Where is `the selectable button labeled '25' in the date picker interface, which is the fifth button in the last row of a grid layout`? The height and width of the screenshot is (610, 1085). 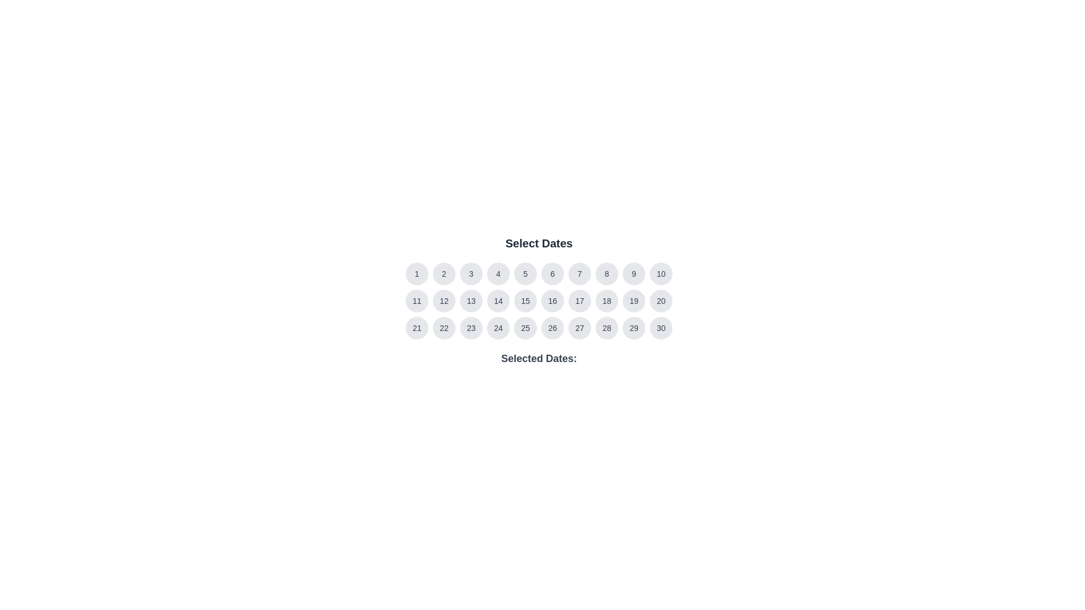 the selectable button labeled '25' in the date picker interface, which is the fifth button in the last row of a grid layout is located at coordinates (525, 328).